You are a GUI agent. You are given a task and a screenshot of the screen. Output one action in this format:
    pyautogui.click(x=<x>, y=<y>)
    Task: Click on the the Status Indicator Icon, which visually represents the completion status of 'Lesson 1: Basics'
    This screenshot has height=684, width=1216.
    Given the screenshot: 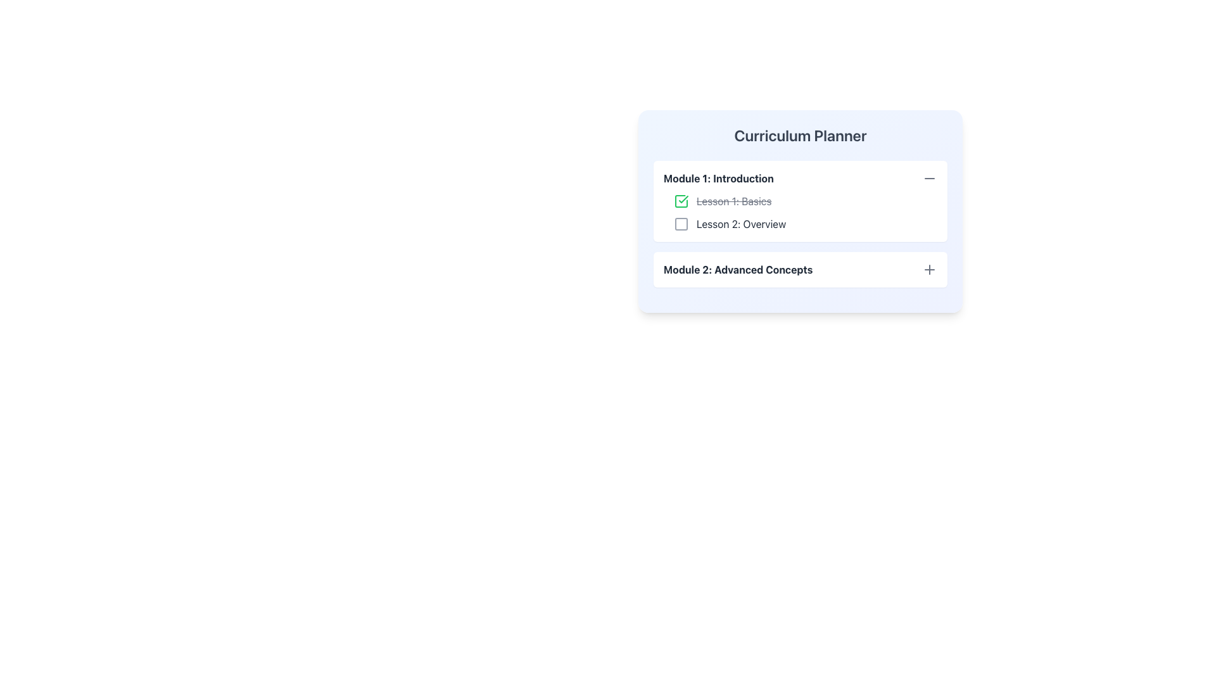 What is the action you would take?
    pyautogui.click(x=680, y=200)
    